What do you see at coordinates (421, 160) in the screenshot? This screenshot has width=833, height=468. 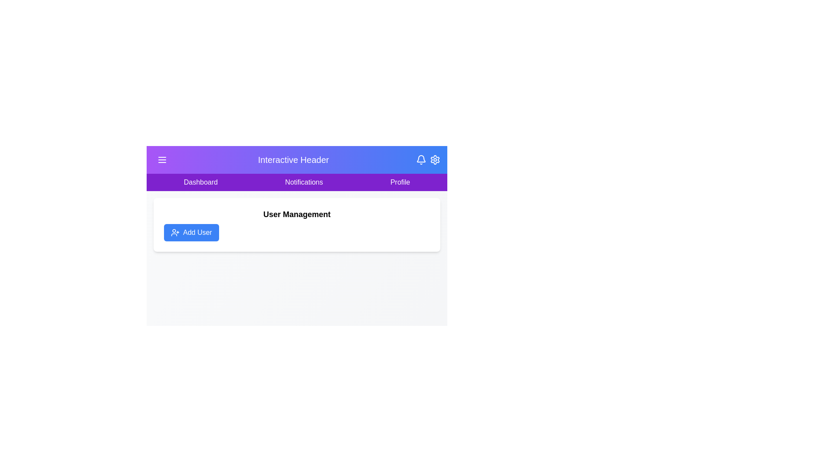 I see `the bell icon to view notifications` at bounding box center [421, 160].